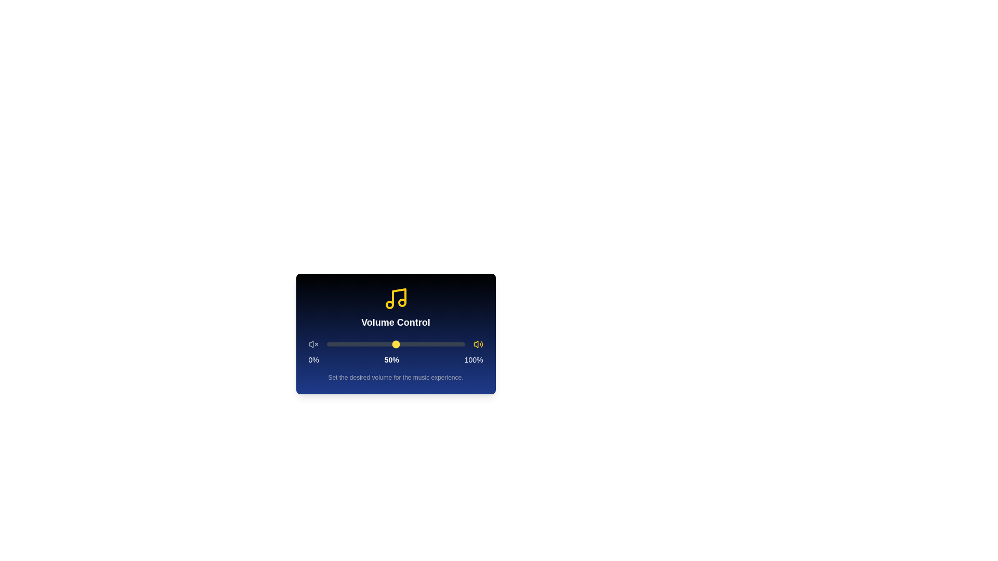 Image resolution: width=998 pixels, height=561 pixels. I want to click on the volume slider to 6%, so click(335, 344).